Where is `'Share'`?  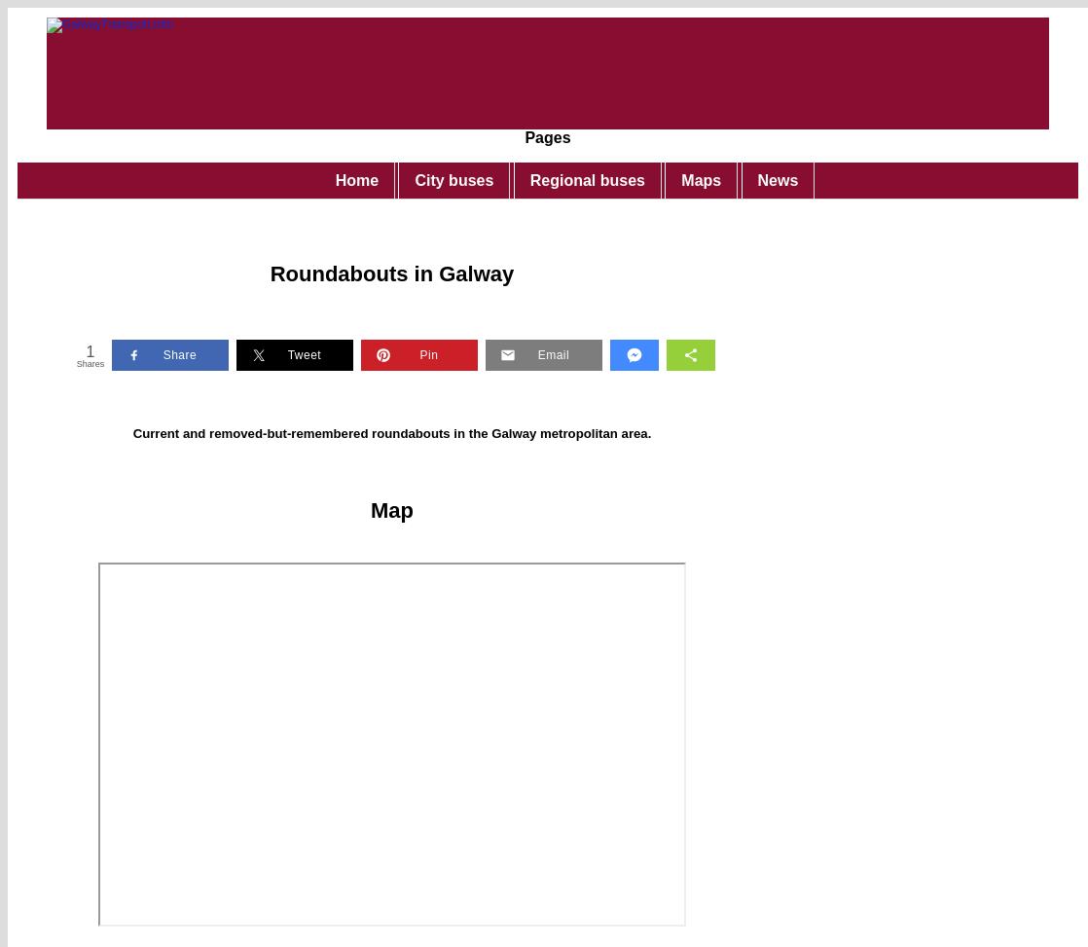 'Share' is located at coordinates (179, 352).